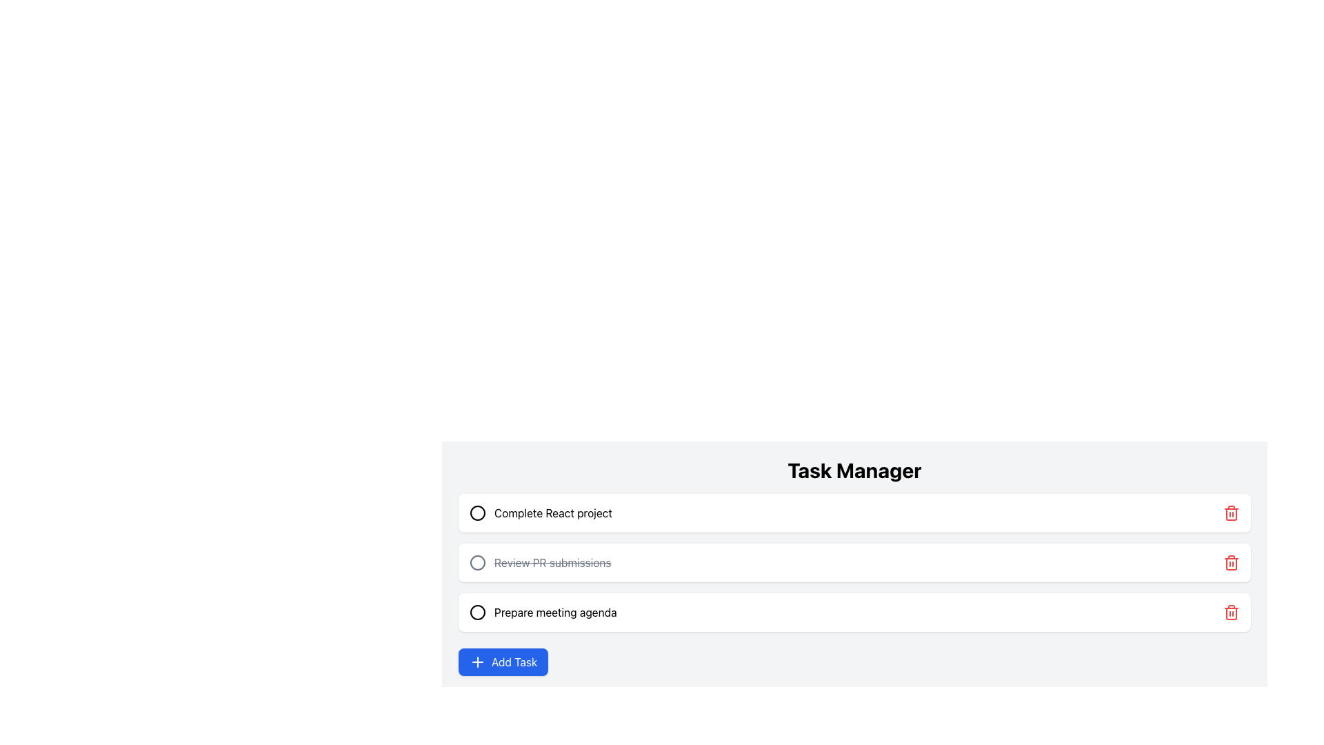 The width and height of the screenshot is (1324, 745). What do you see at coordinates (503, 662) in the screenshot?
I see `the 'Add Task' button located at the bottom left of the 'Task Manager' interface` at bounding box center [503, 662].